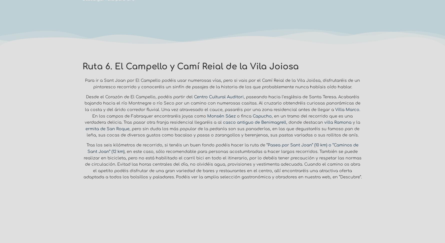  I want to click on ', en un tramo del recorrido que es una verdadera delicia. Tras pasar otra franja residencial llegaréis a al', so click(218, 119).